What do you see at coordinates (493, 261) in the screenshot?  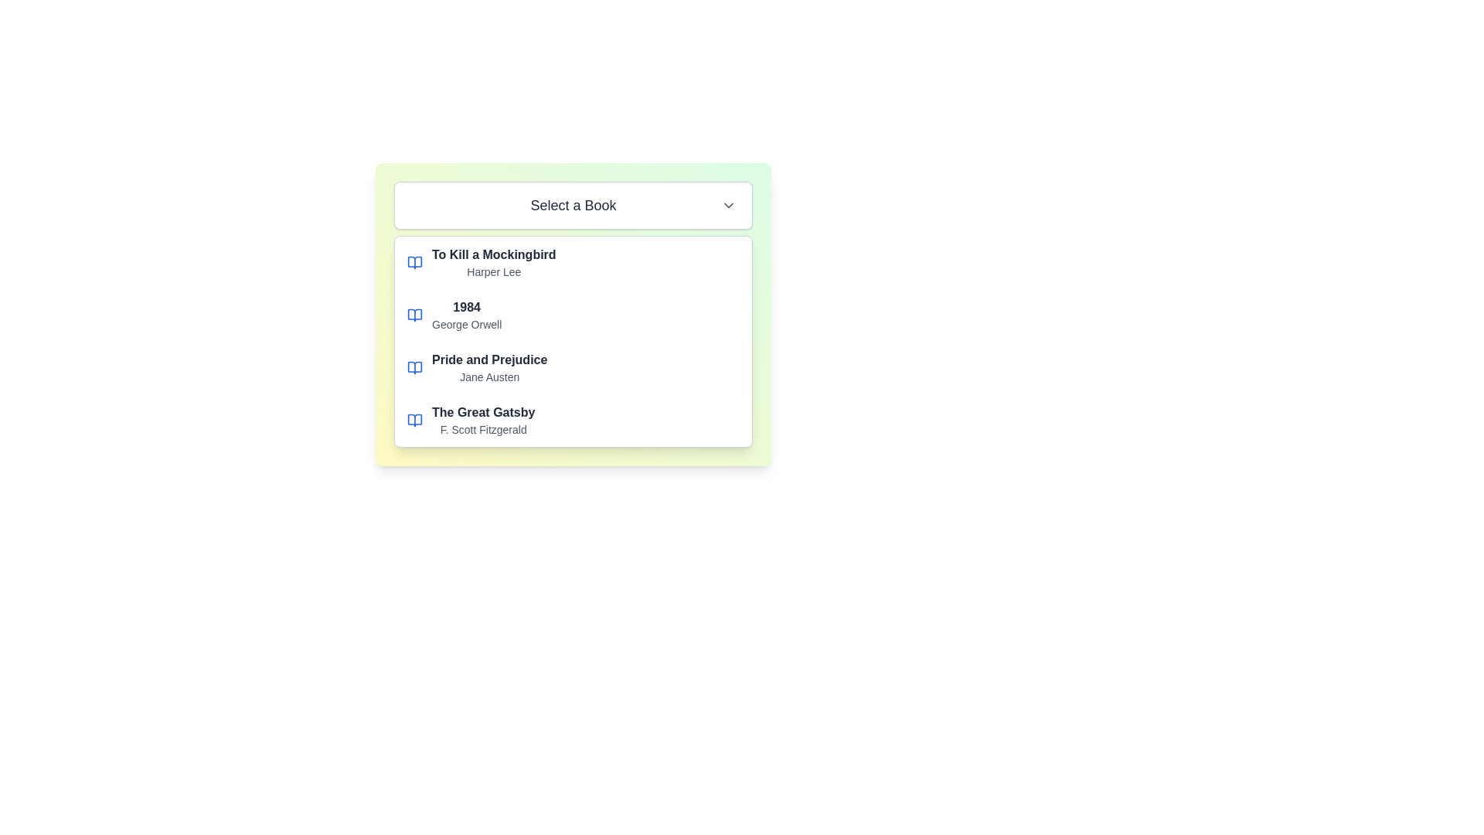 I see `the first book option in the list displayed beneath the 'Select a Book' dropdown` at bounding box center [493, 261].